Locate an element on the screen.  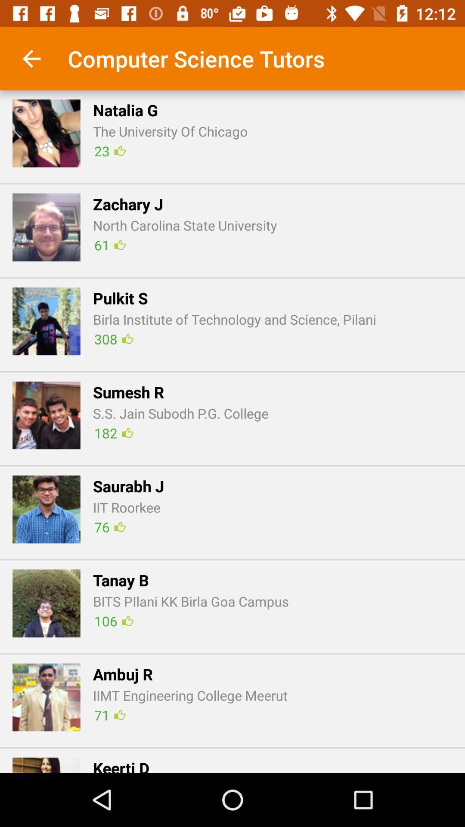
item to the right of the z is located at coordinates (109, 244).